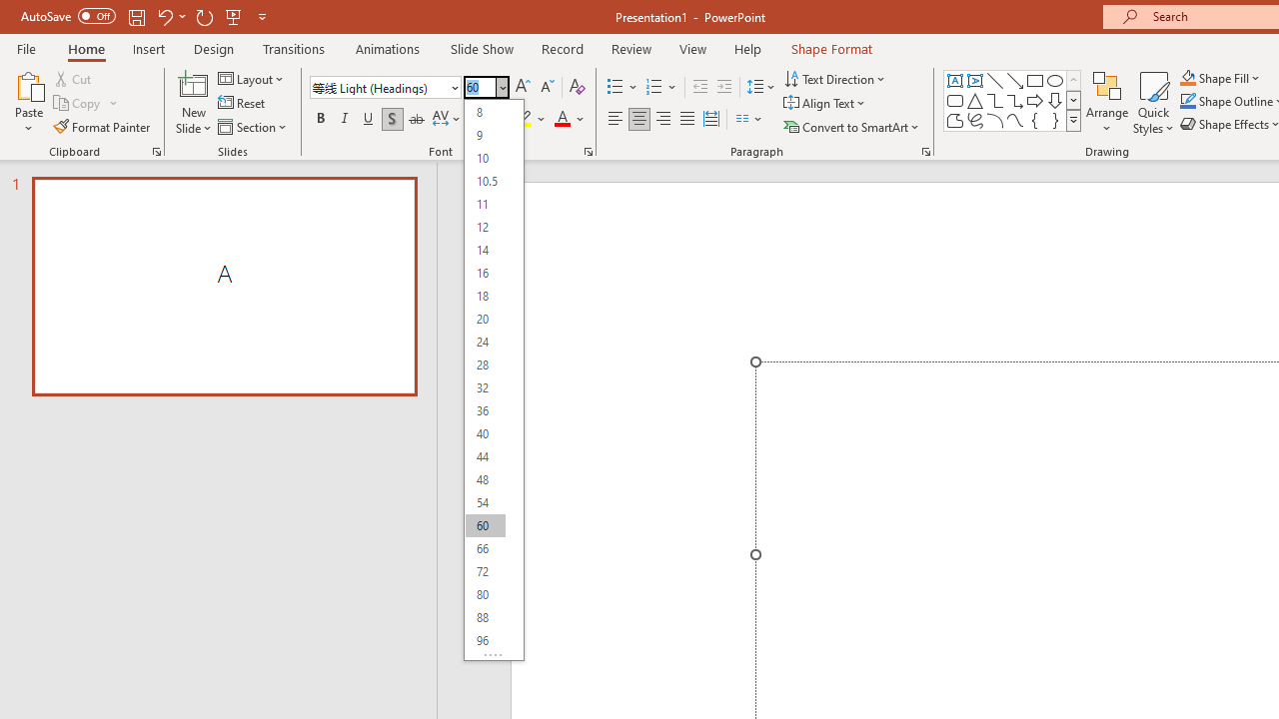  Describe the element at coordinates (485, 273) in the screenshot. I see `'16'` at that location.